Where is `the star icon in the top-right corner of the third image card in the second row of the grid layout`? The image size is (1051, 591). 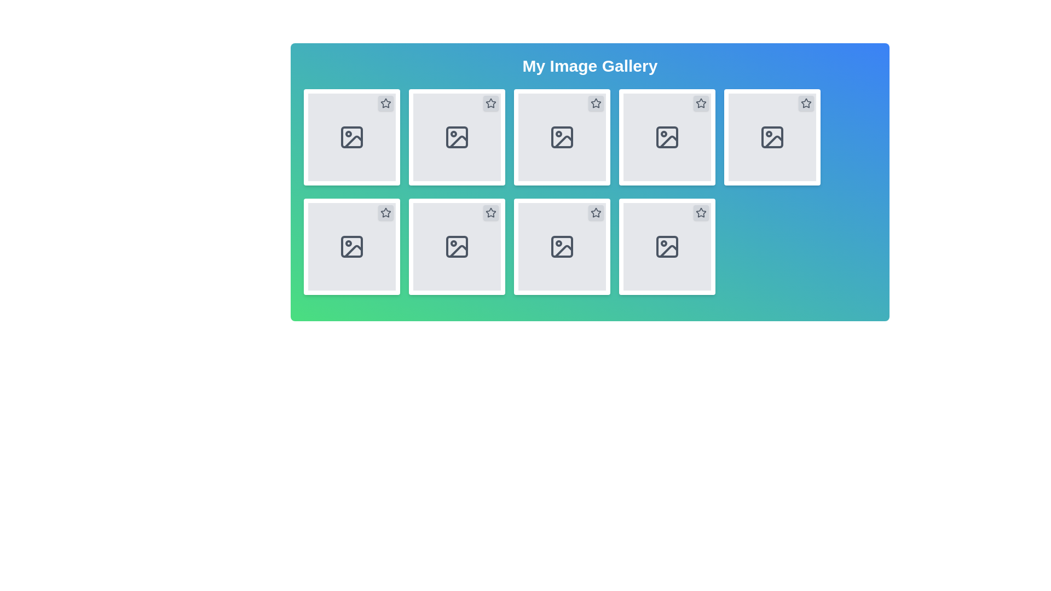 the star icon in the top-right corner of the third image card in the second row of the grid layout is located at coordinates (386, 212).